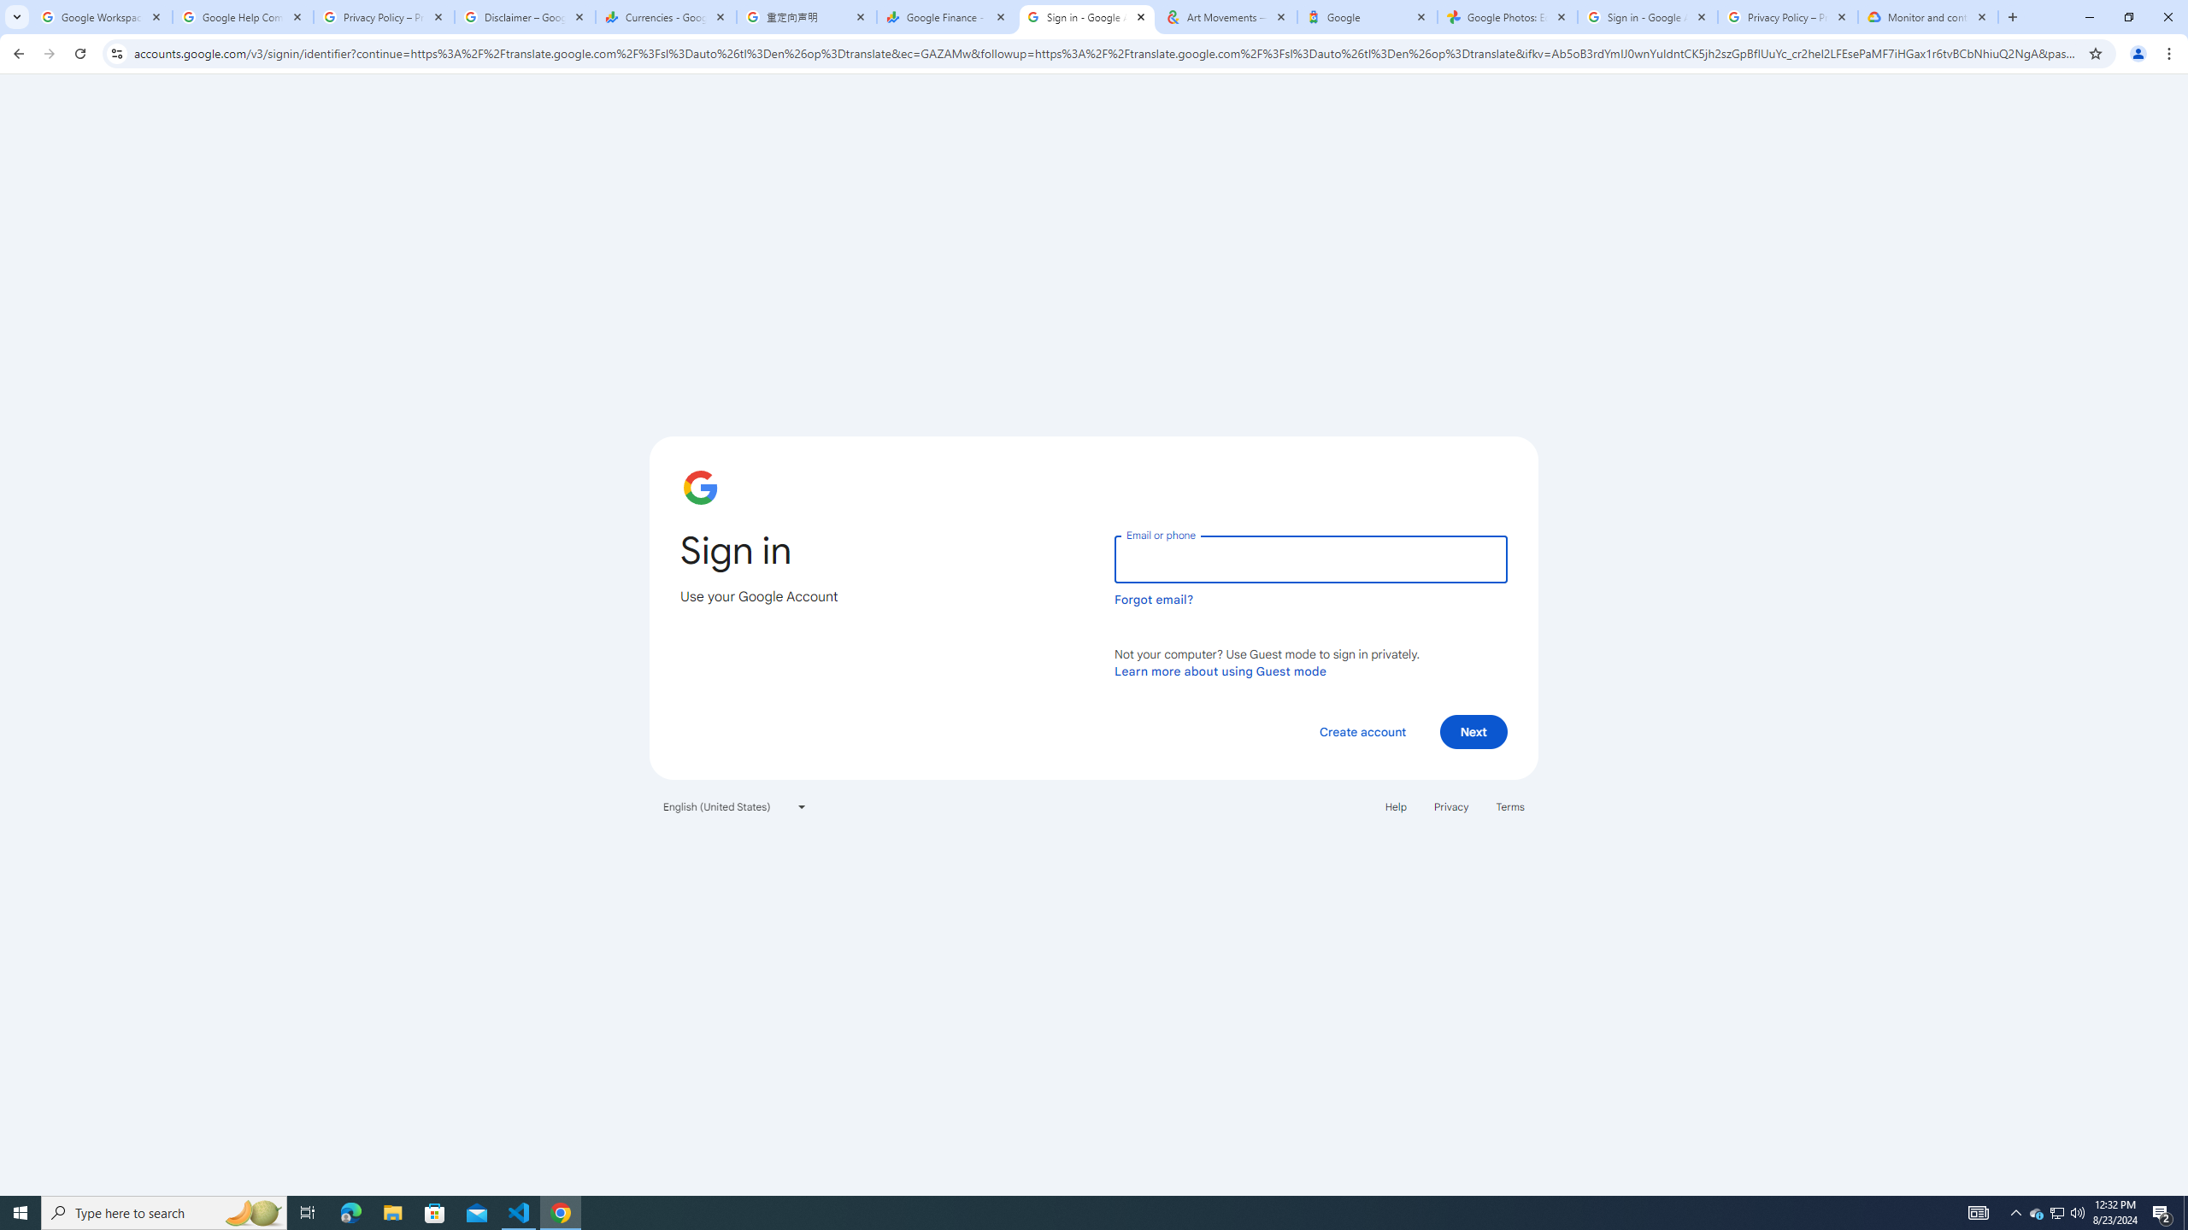  What do you see at coordinates (665, 16) in the screenshot?
I see `'Currencies - Google Finance'` at bounding box center [665, 16].